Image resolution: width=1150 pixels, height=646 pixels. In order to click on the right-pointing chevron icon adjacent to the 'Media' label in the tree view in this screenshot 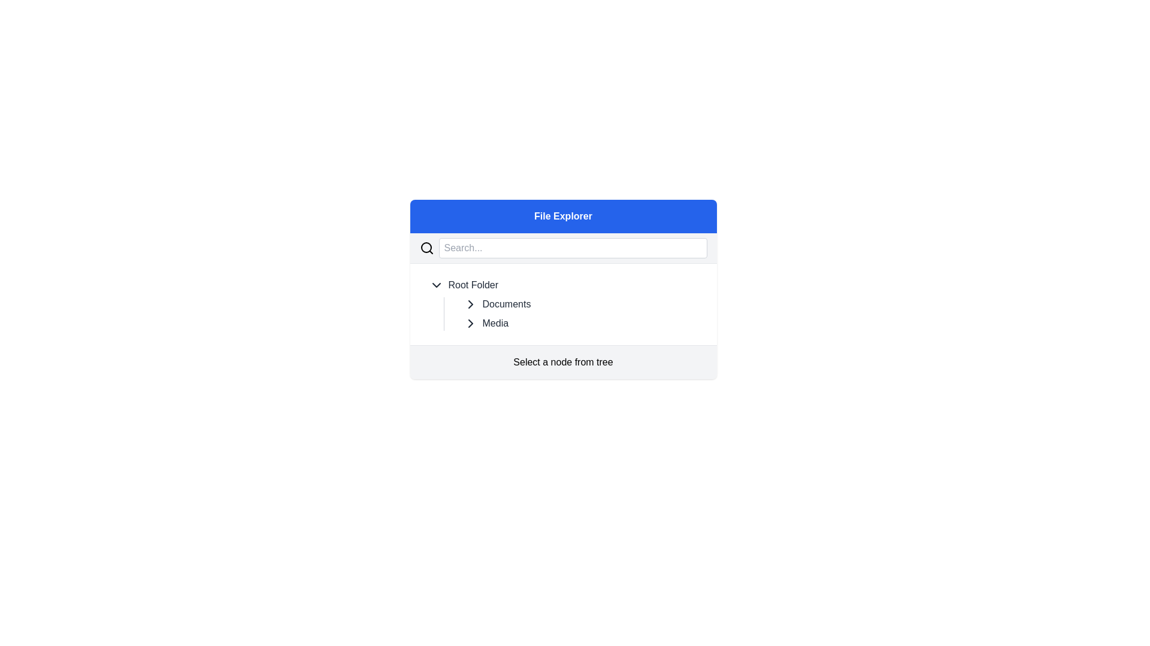, I will do `click(470, 304)`.